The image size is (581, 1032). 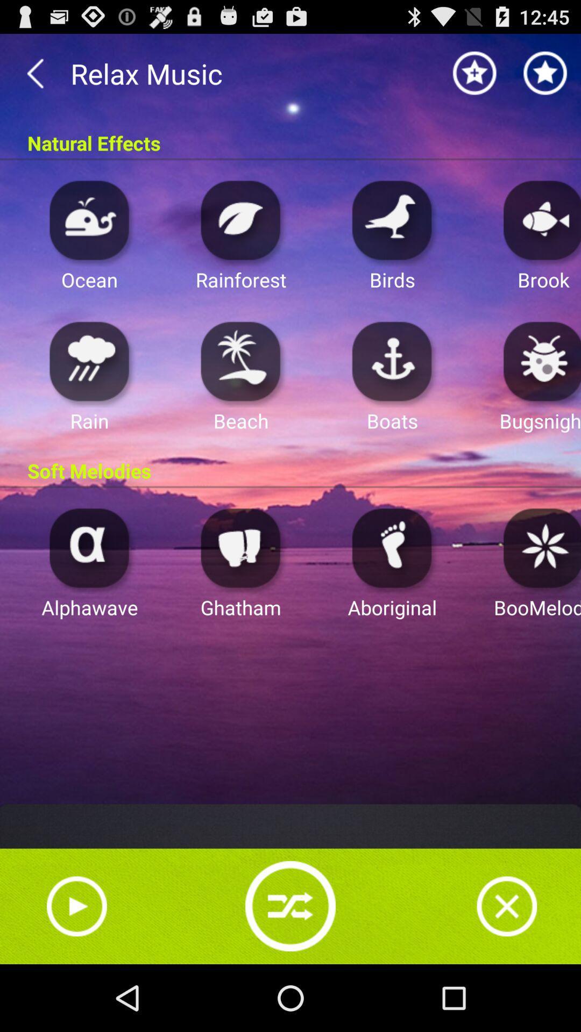 I want to click on share the article, so click(x=290, y=905).